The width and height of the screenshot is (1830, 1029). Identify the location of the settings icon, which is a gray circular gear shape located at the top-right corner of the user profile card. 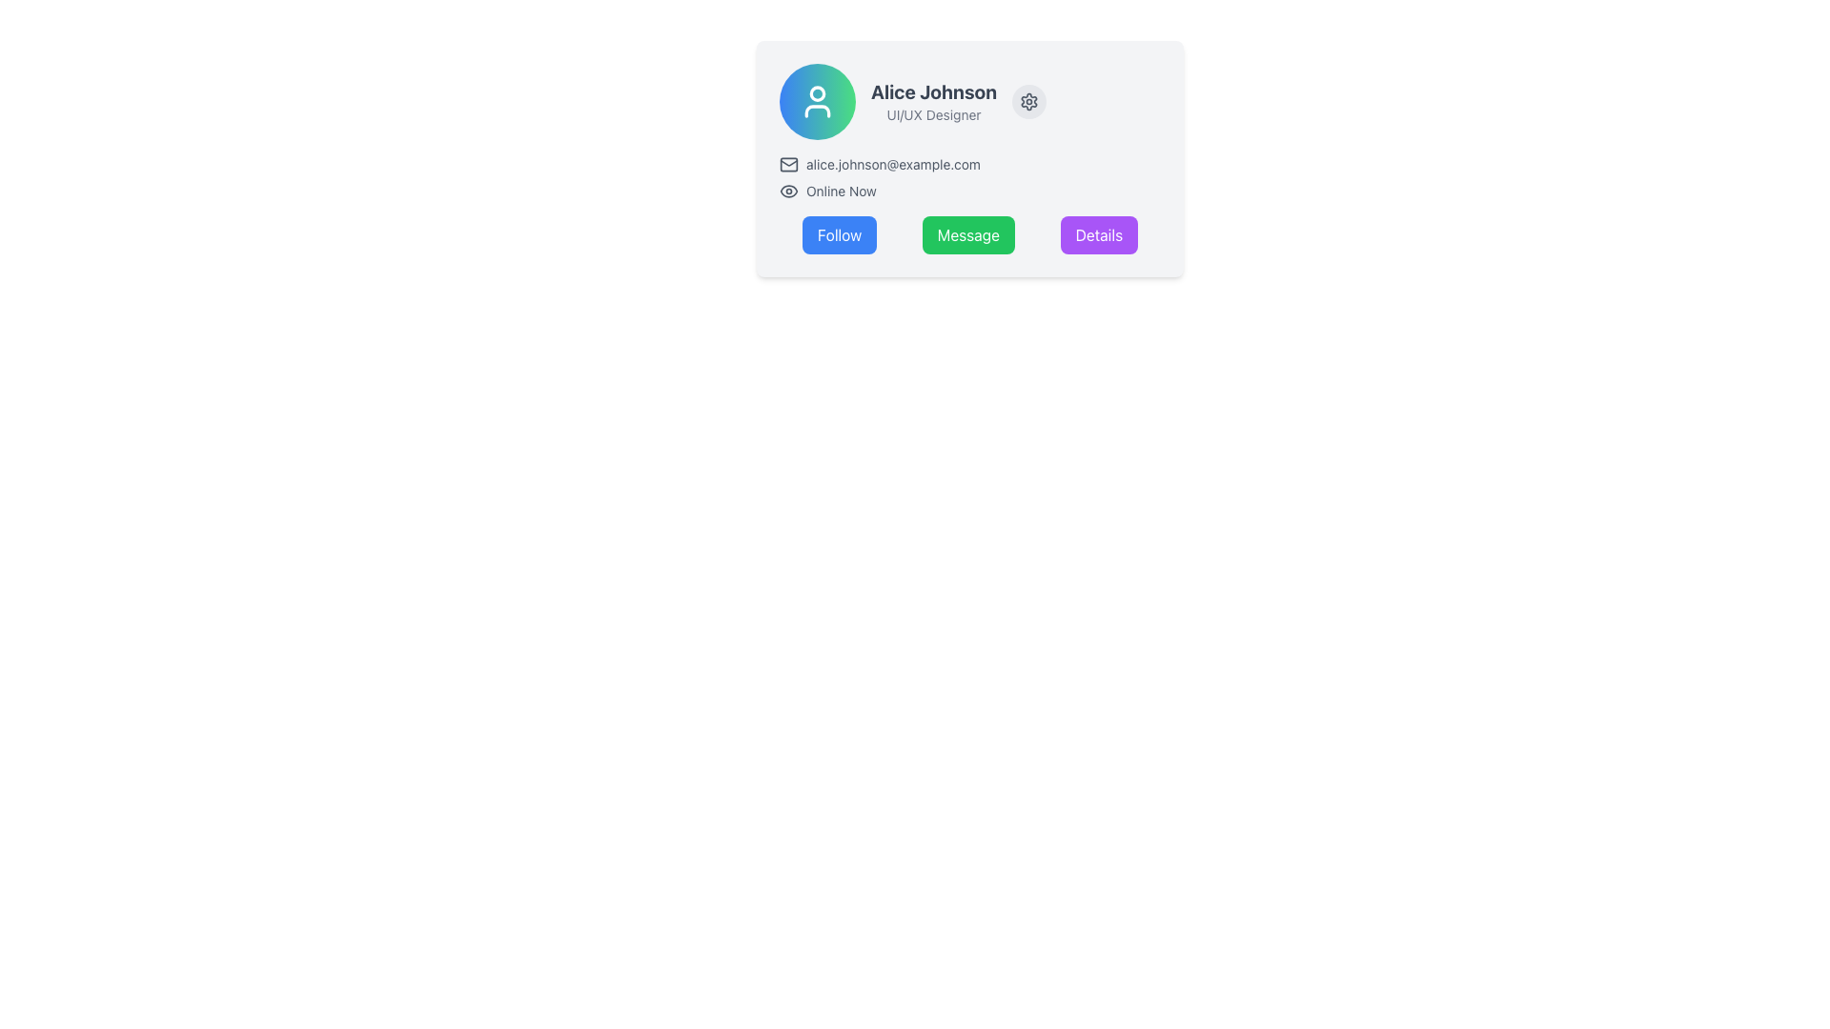
(1028, 102).